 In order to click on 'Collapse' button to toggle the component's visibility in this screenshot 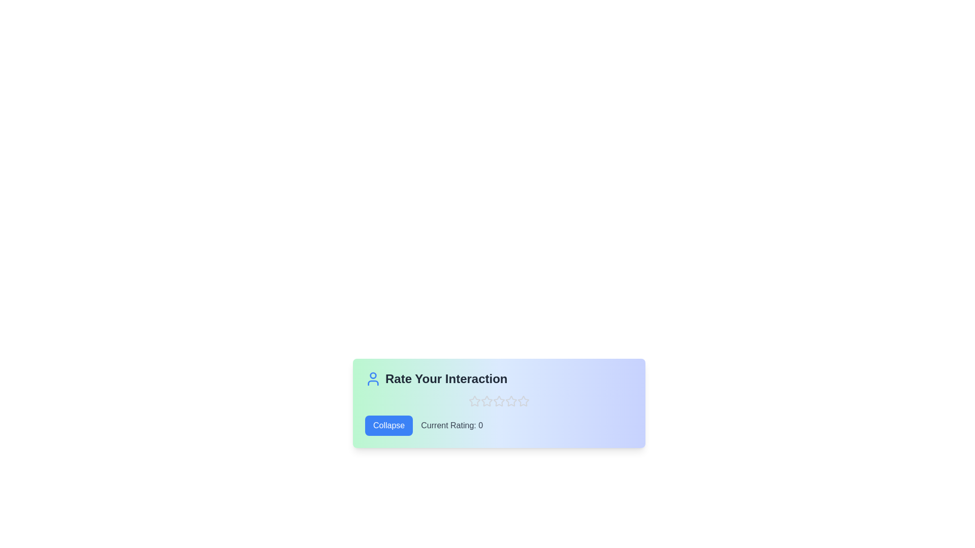, I will do `click(388, 426)`.